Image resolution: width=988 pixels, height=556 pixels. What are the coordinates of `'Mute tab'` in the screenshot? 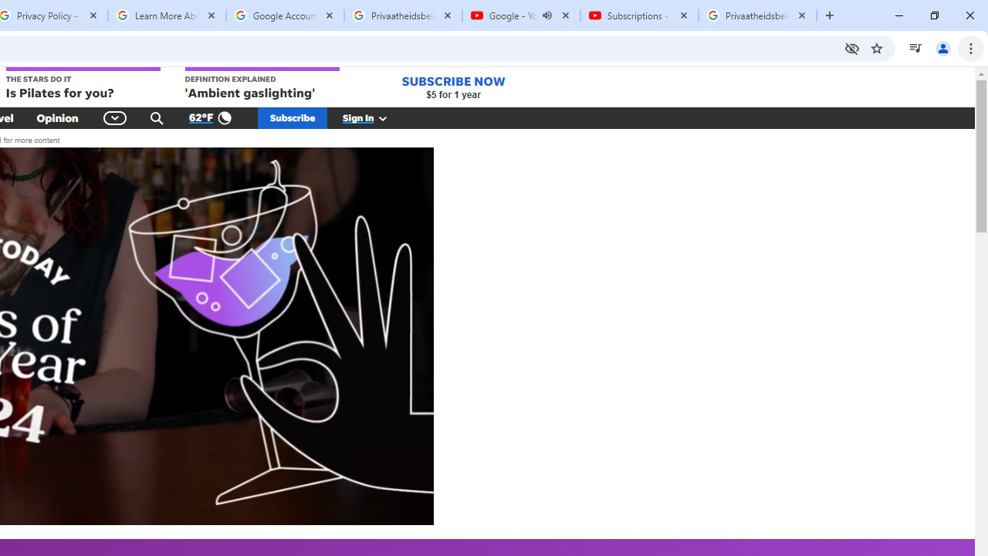 It's located at (547, 15).